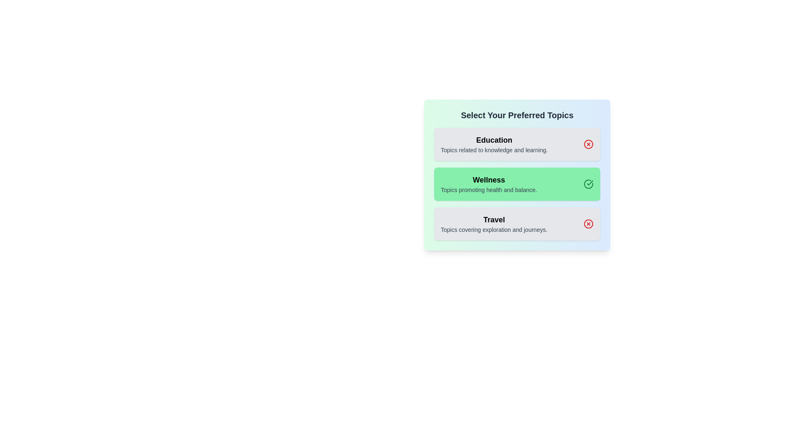  Describe the element at coordinates (517, 183) in the screenshot. I see `the panel corresponding to the topic Wellness` at that location.